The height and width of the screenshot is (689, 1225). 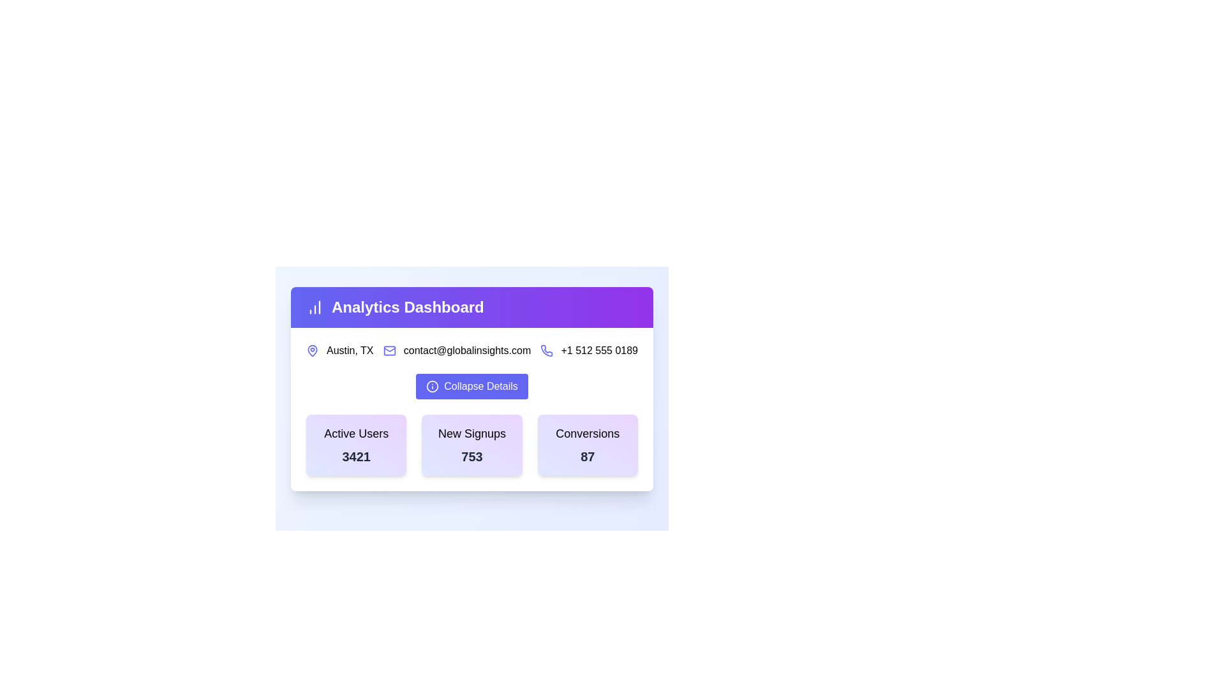 I want to click on the prominent numeric value '753' displayed in dark gray font under the 'New Signups' label within the Analytics Dashboard section, so click(x=471, y=456).